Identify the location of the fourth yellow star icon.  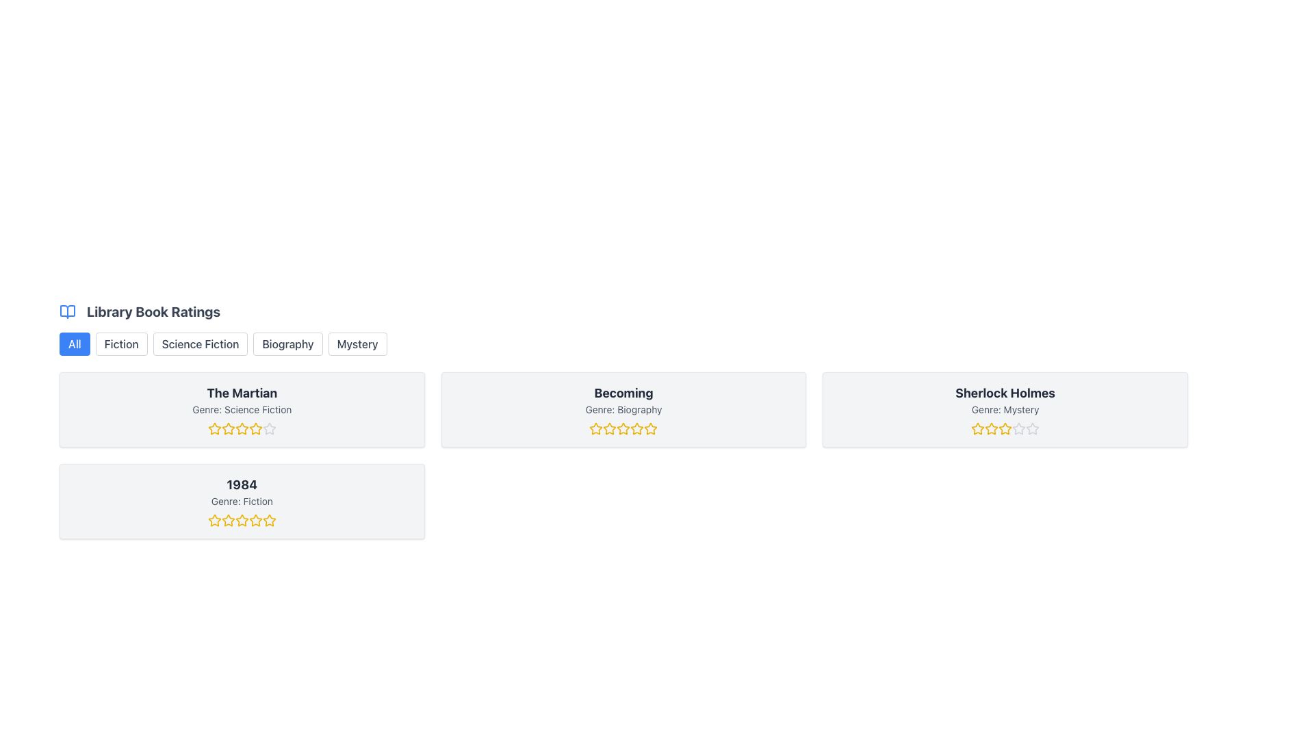
(242, 428).